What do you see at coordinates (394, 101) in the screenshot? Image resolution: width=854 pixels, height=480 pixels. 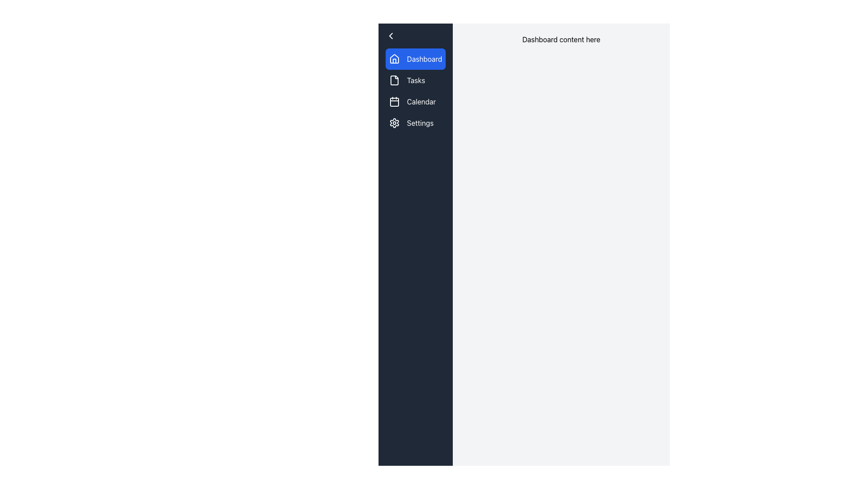 I see `the 'Calendar' menu option, which is represented by a minimalistic white calendar icon located in the left sidebar of the interface` at bounding box center [394, 101].